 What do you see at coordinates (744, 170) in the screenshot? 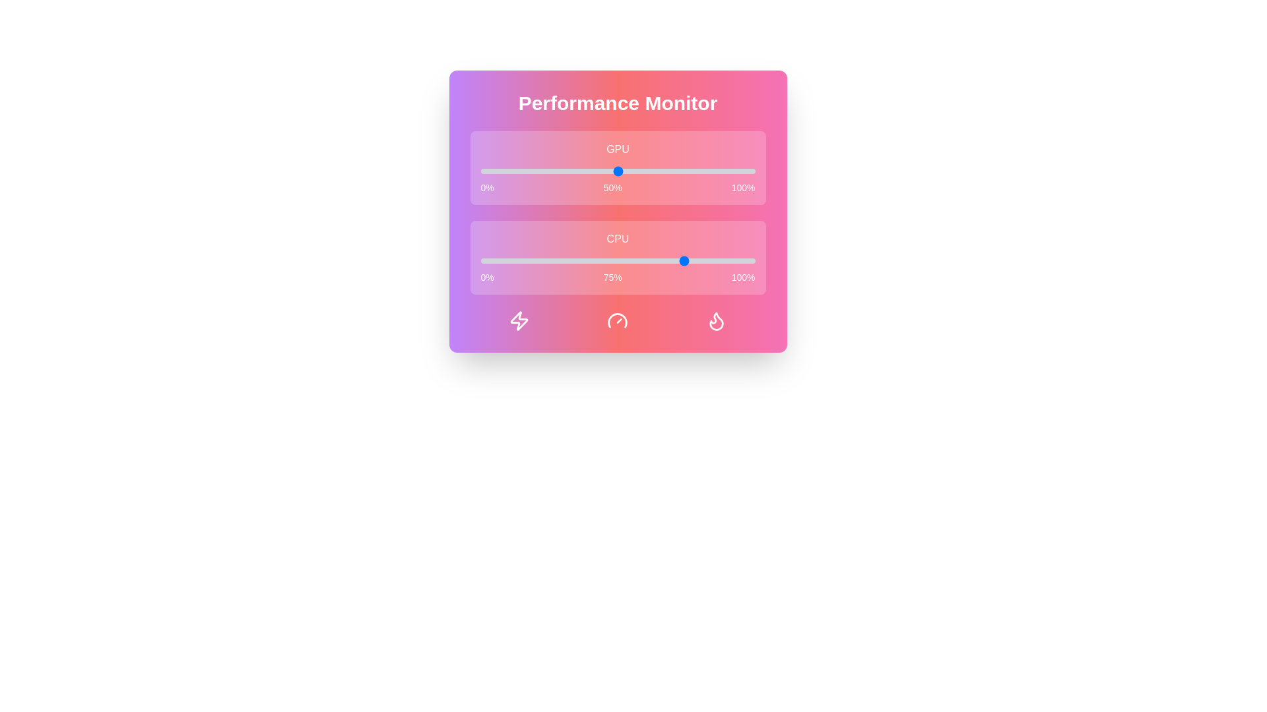
I see `the GPU performance slider to 96%` at bounding box center [744, 170].